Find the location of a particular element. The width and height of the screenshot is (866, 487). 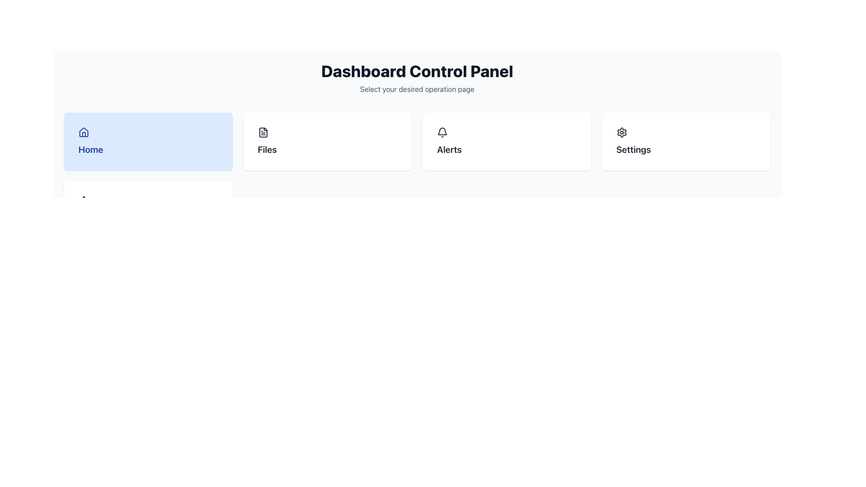

the bell icon representing notifications or alerts located in the Alerts section of the interface is located at coordinates (442, 132).